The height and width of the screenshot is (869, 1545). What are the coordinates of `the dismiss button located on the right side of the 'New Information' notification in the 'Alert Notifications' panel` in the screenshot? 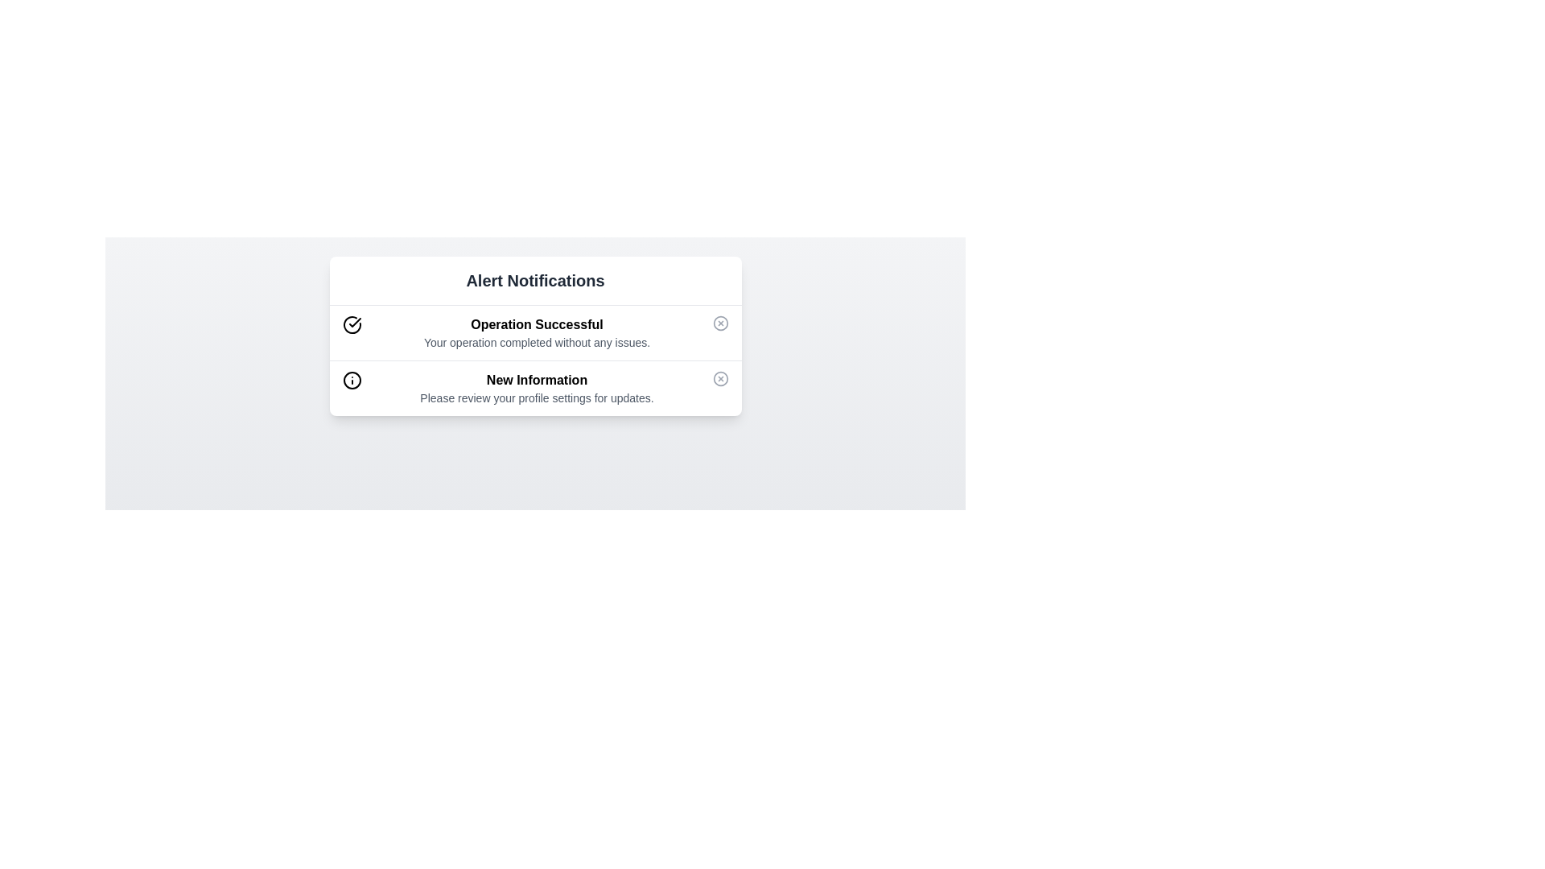 It's located at (719, 378).